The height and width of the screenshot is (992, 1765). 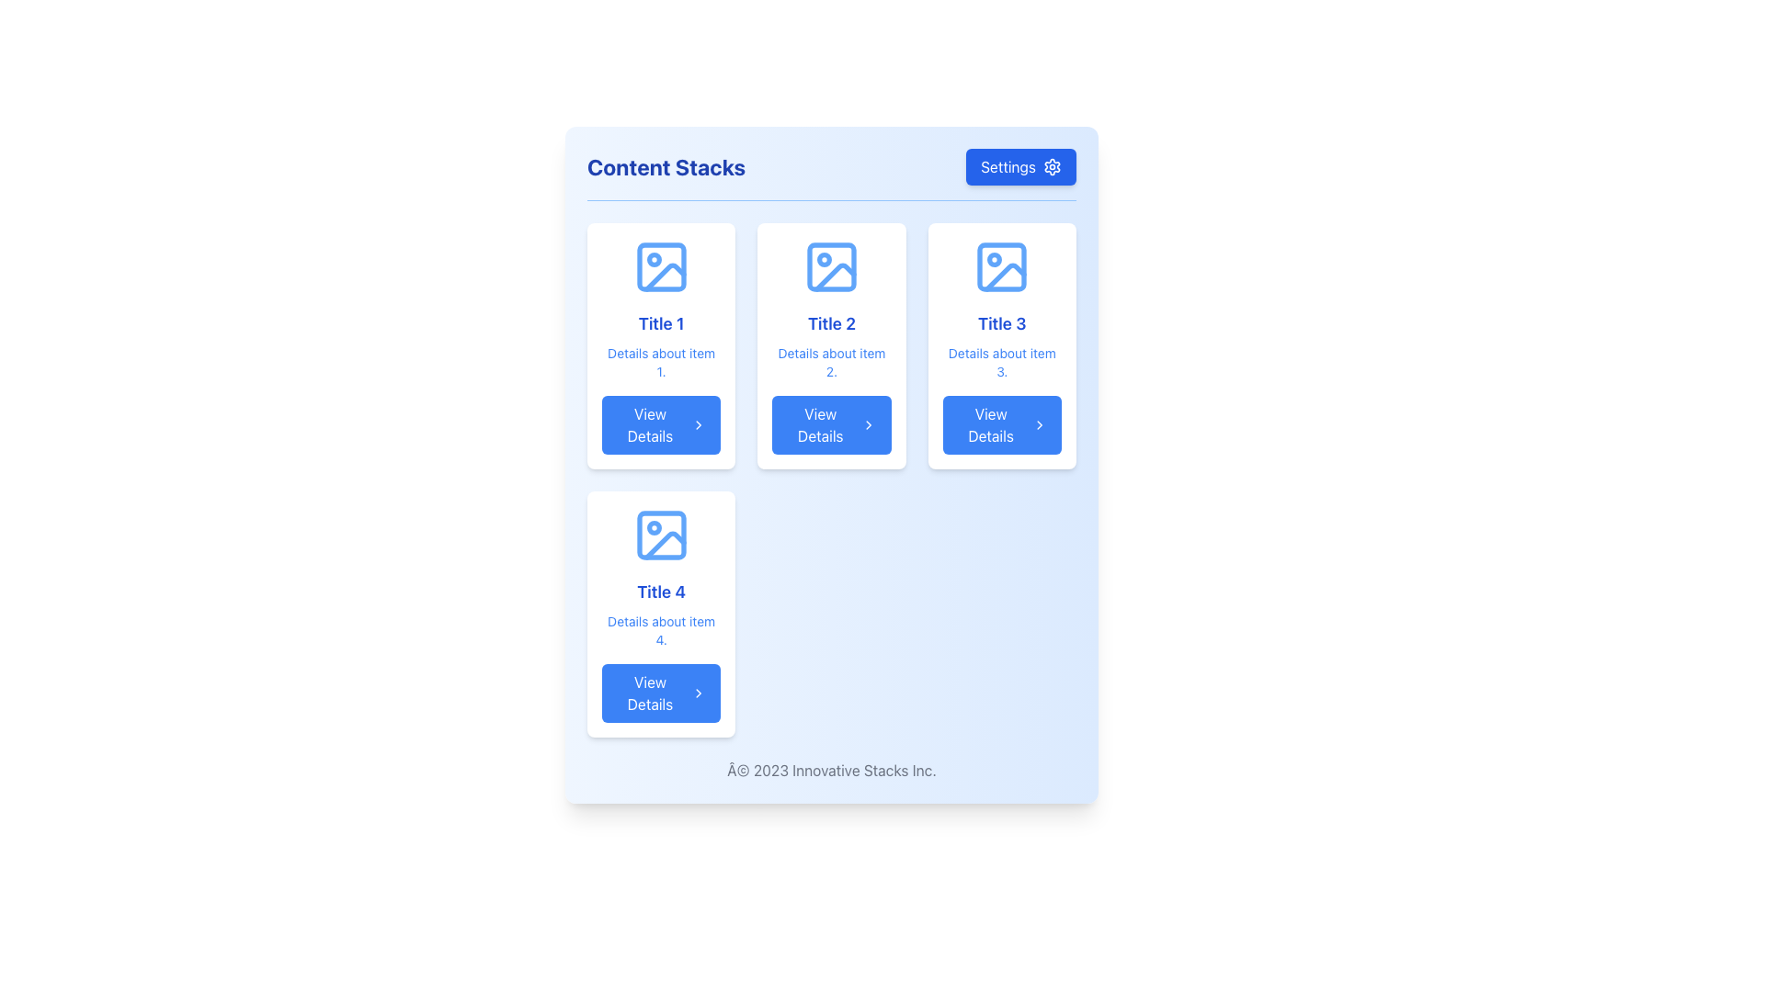 What do you see at coordinates (661, 535) in the screenshot?
I see `the icon resembling an image, which is located at the top of the card labeled 'Title 4' in the second row of content cards` at bounding box center [661, 535].